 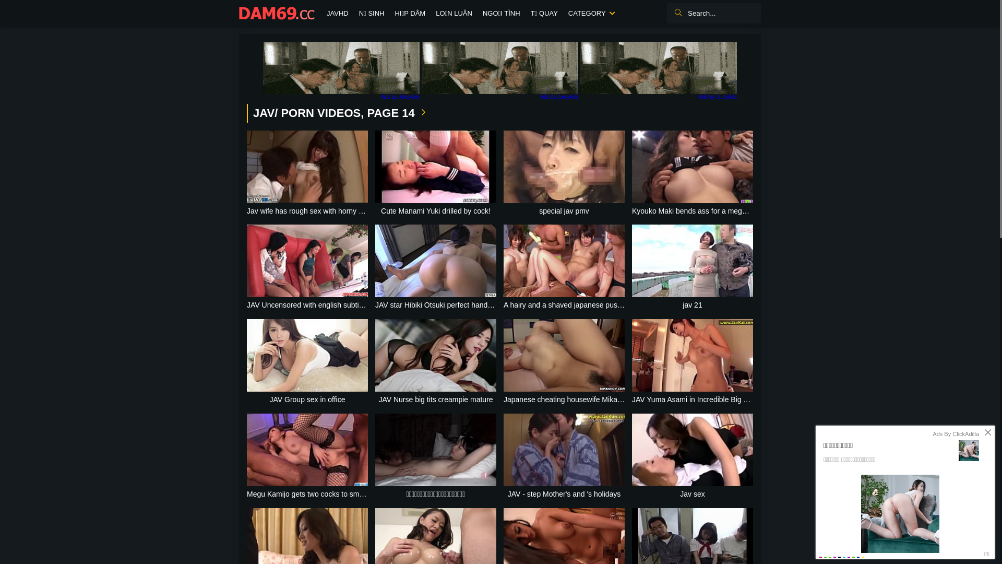 What do you see at coordinates (320, 14) in the screenshot?
I see `'JAVHD'` at bounding box center [320, 14].